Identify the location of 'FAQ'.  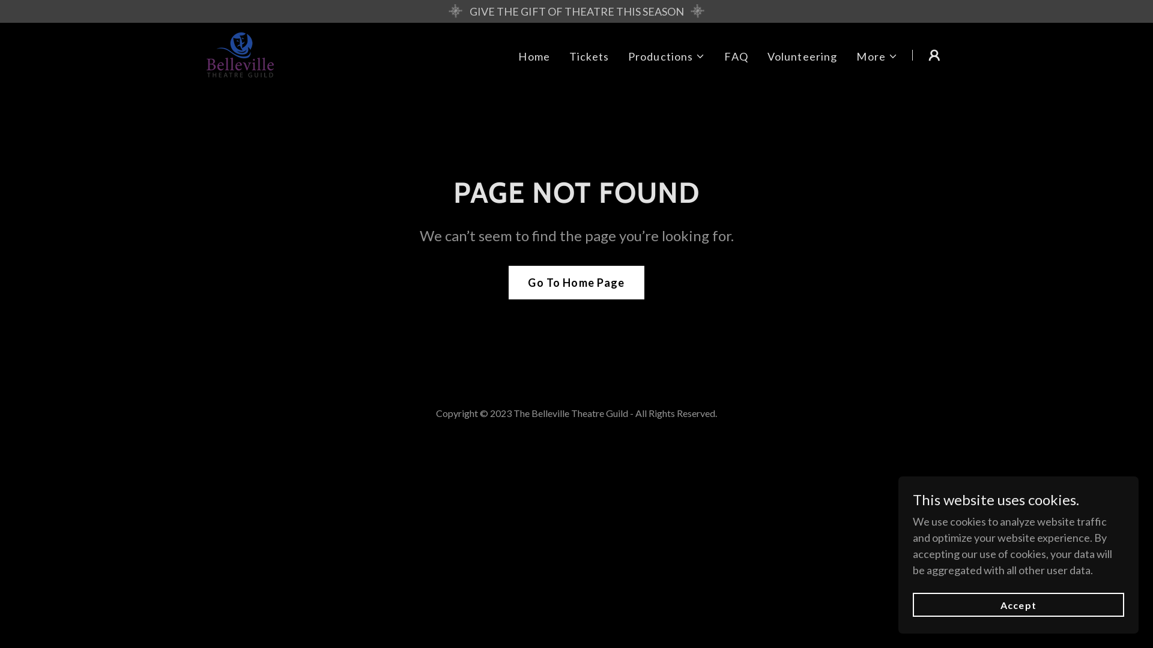
(721, 56).